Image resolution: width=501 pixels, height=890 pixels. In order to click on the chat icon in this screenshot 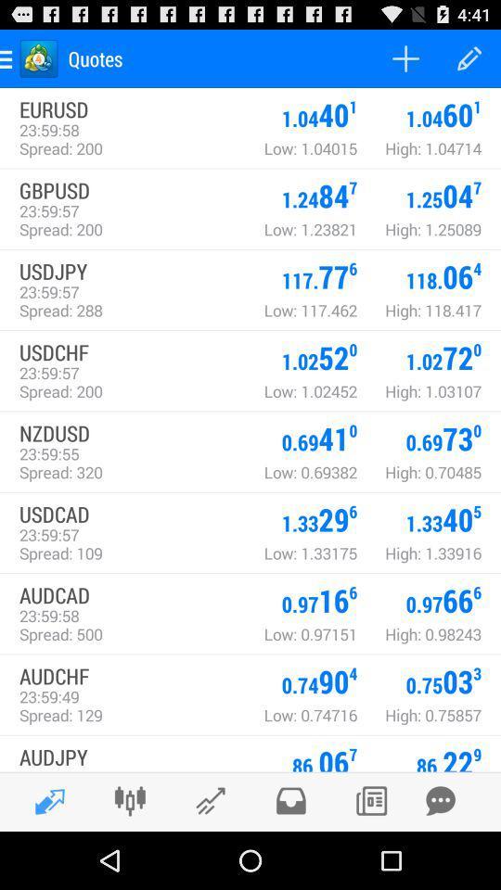, I will do `click(440, 857)`.